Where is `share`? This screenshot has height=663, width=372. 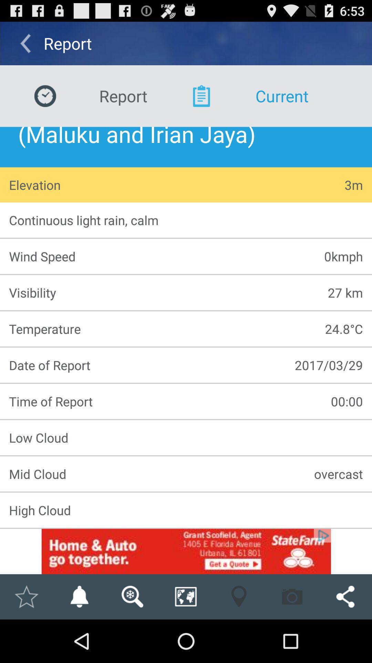 share is located at coordinates (185, 596).